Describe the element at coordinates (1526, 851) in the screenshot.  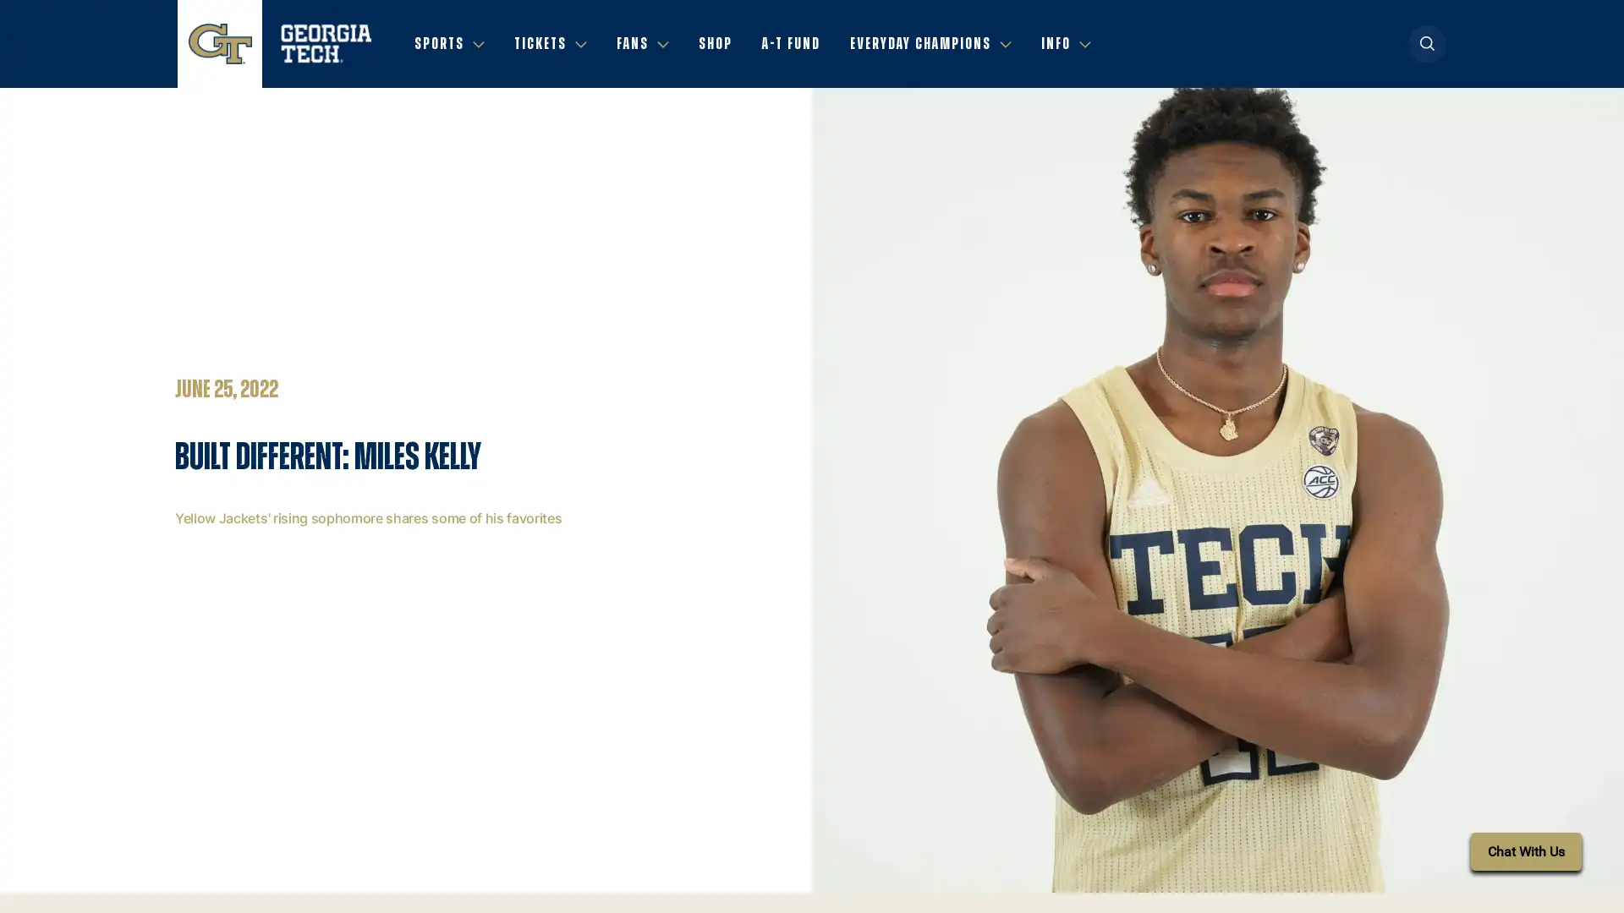
I see `open chat` at that location.